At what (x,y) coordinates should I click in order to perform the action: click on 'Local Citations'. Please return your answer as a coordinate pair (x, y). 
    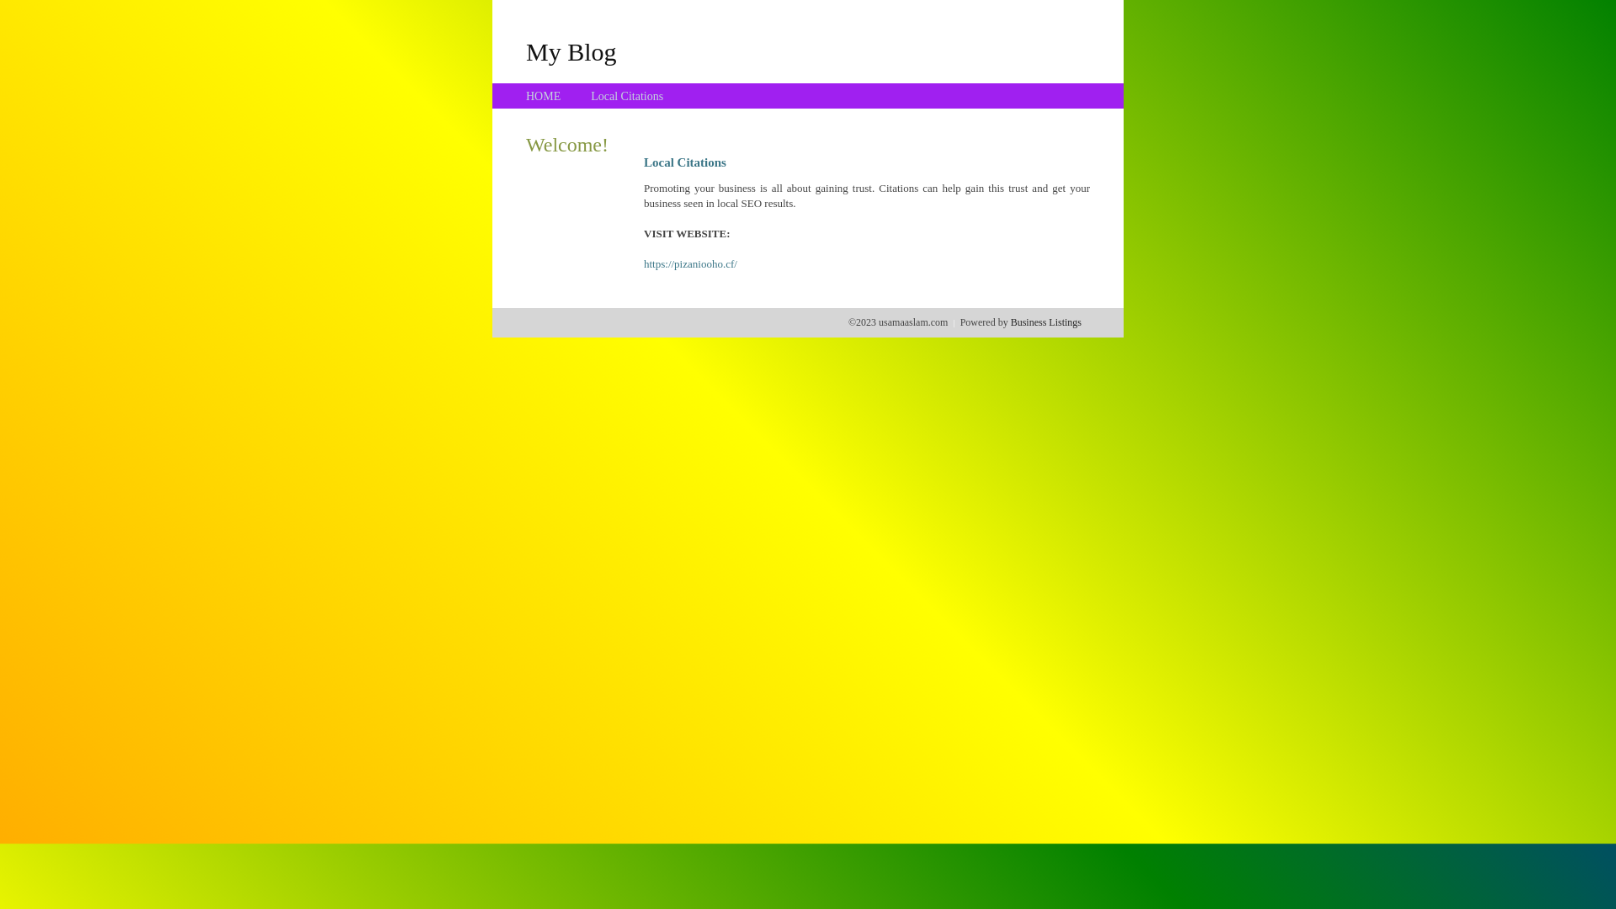
    Looking at the image, I should click on (625, 96).